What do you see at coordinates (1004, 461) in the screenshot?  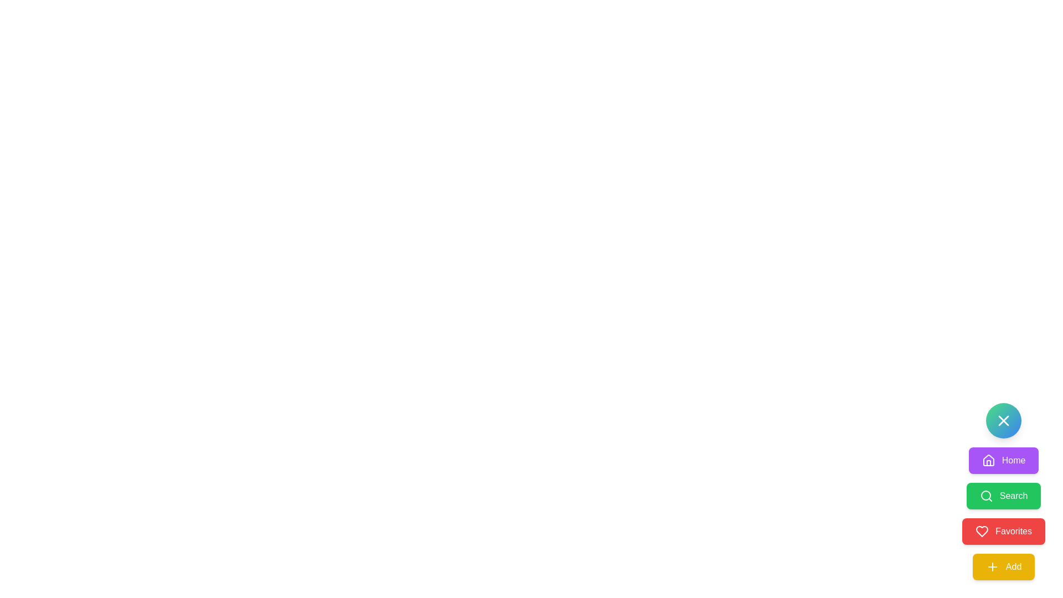 I see `the navigation button located on the right side of the interface` at bounding box center [1004, 461].